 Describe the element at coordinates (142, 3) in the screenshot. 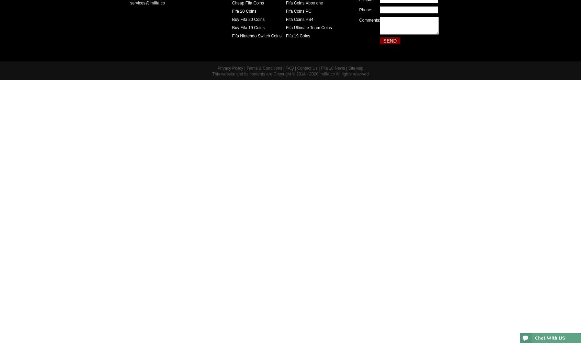

I see `'services@imfifa.co'` at that location.